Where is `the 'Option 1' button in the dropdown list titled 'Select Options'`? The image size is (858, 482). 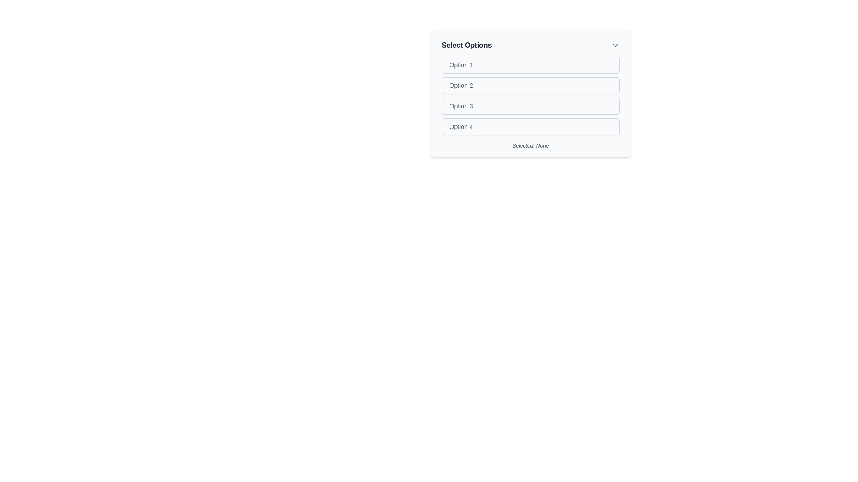 the 'Option 1' button in the dropdown list titled 'Select Options' is located at coordinates (530, 65).